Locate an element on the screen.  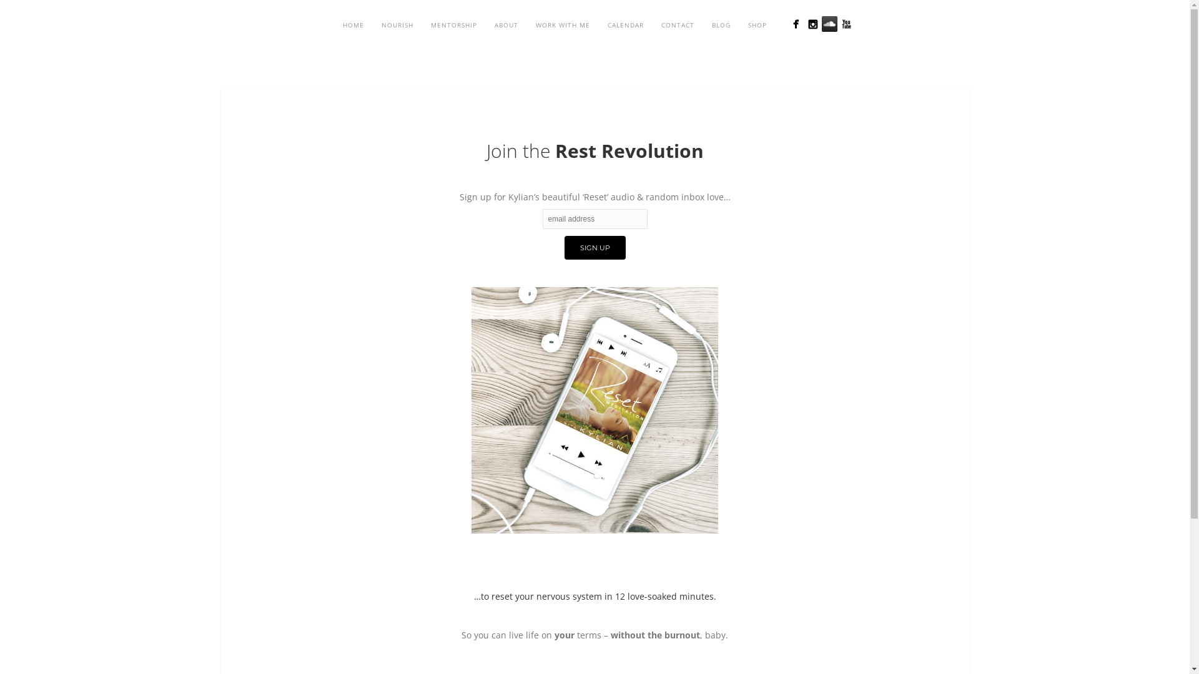
'Sign up' is located at coordinates (595, 248).